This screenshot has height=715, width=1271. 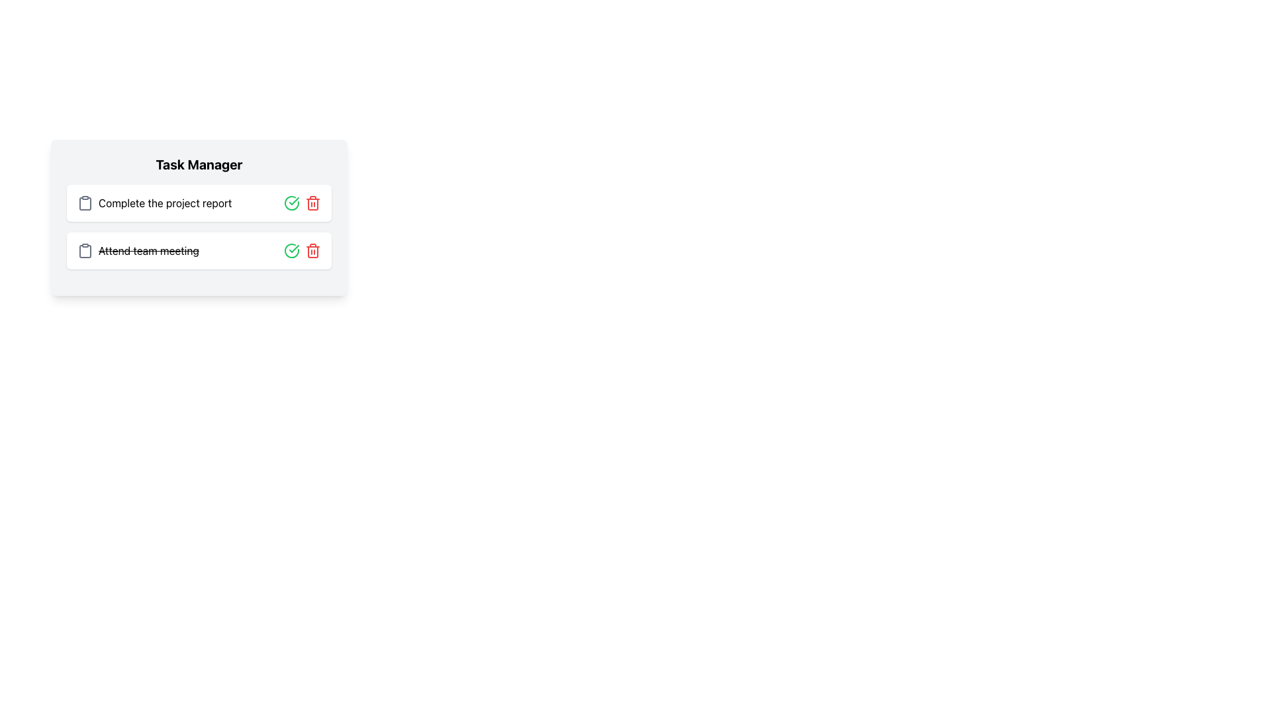 I want to click on the red trash bin in the Control button group, so click(x=301, y=250).